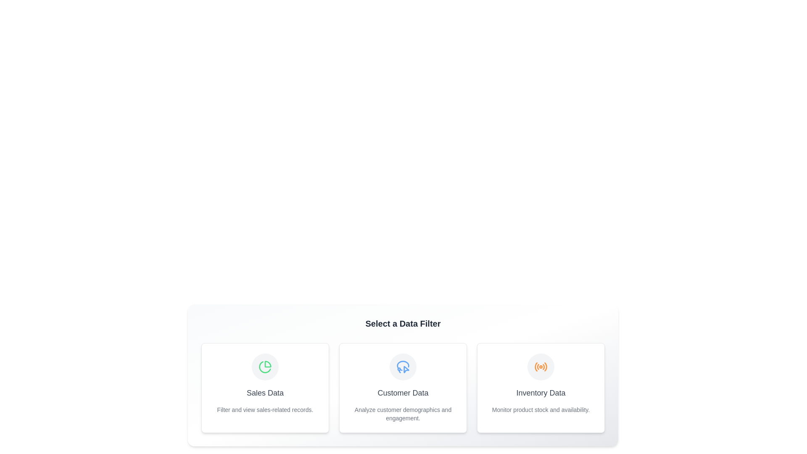  Describe the element at coordinates (264, 388) in the screenshot. I see `the leftmost card in the first column of the three-column grid layout` at that location.